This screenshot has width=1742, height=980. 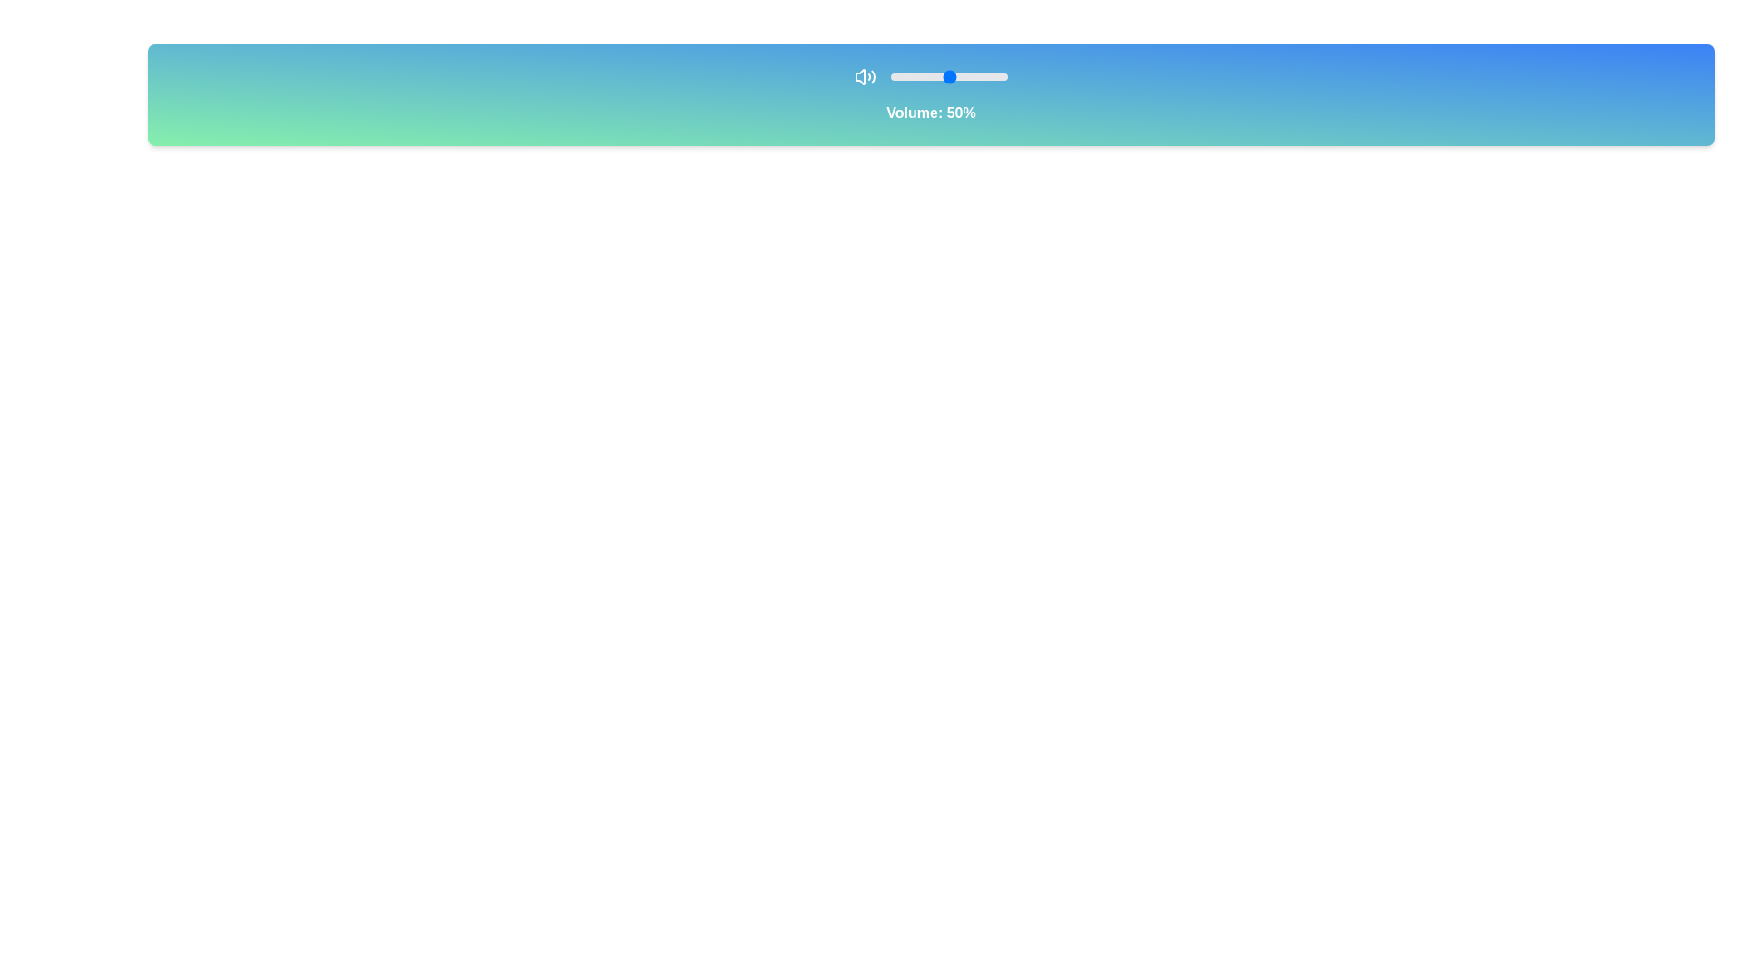 What do you see at coordinates (925, 75) in the screenshot?
I see `the slider` at bounding box center [925, 75].